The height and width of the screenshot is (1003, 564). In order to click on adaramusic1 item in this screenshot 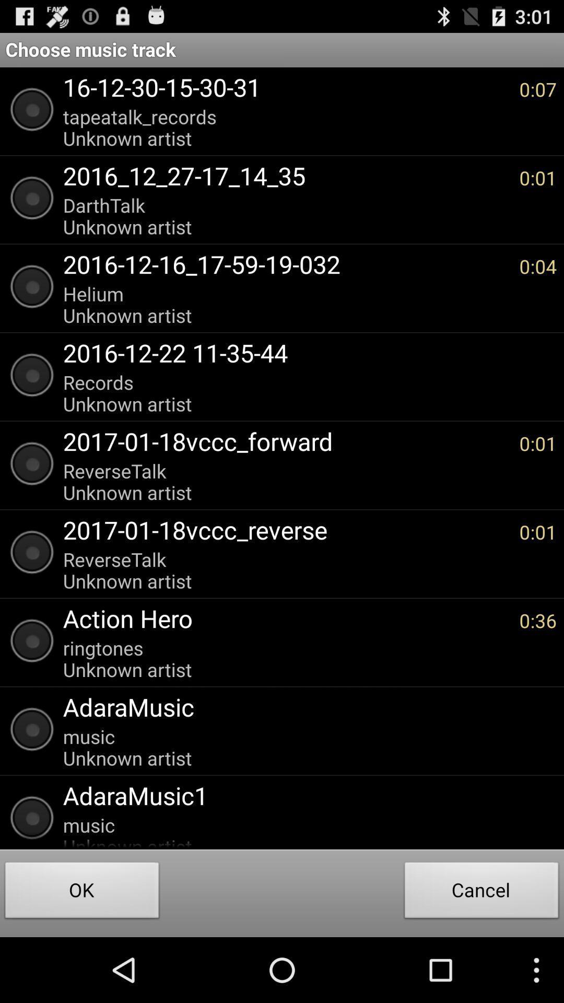, I will do `click(304, 795)`.